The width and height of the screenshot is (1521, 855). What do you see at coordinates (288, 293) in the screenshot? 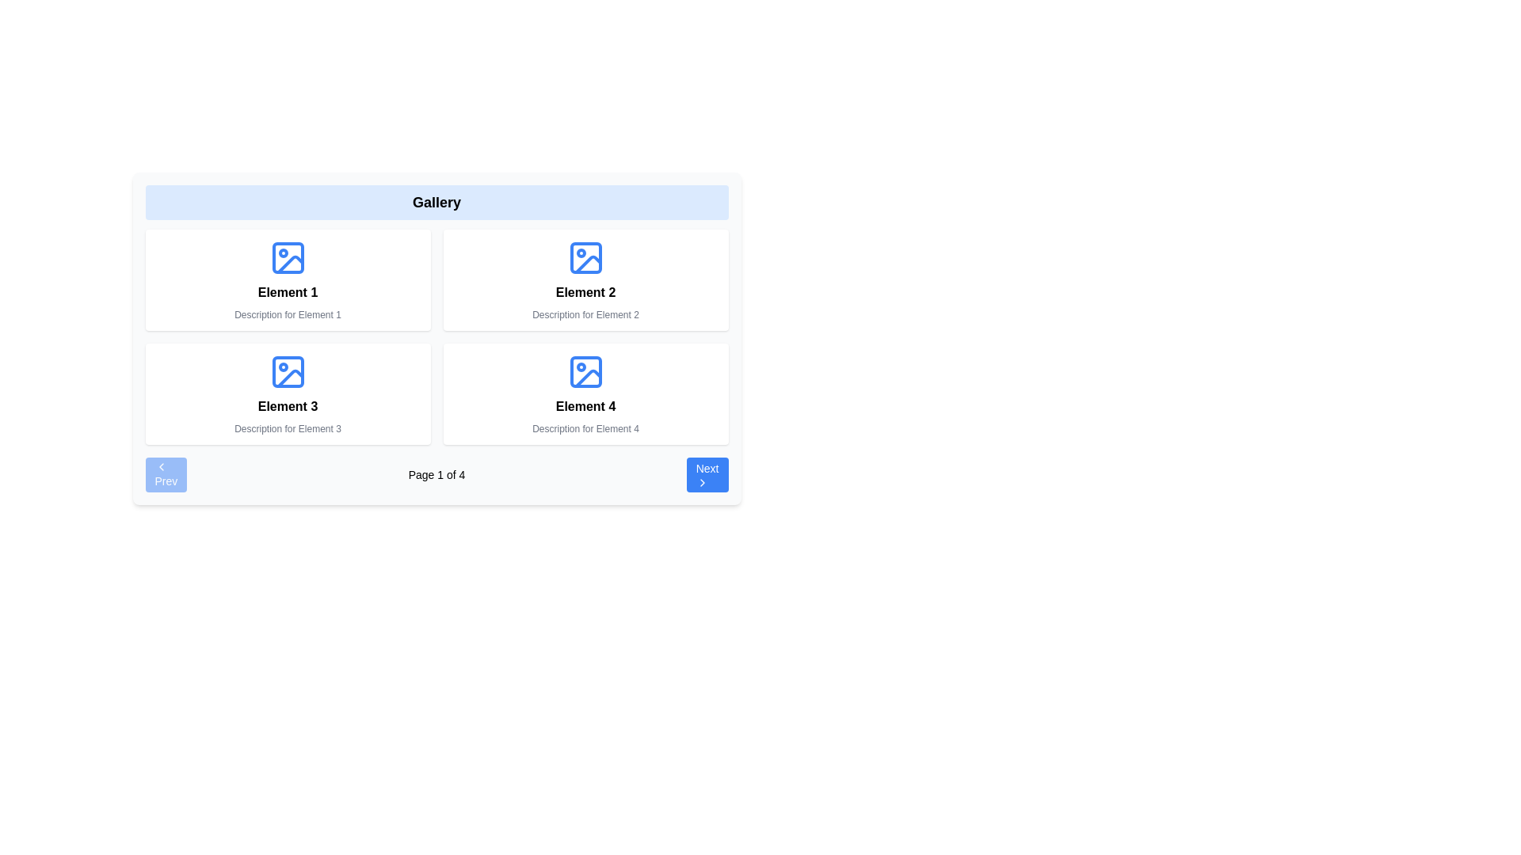
I see `text label displaying 'Element 1' located in the top-left section of the card component` at bounding box center [288, 293].